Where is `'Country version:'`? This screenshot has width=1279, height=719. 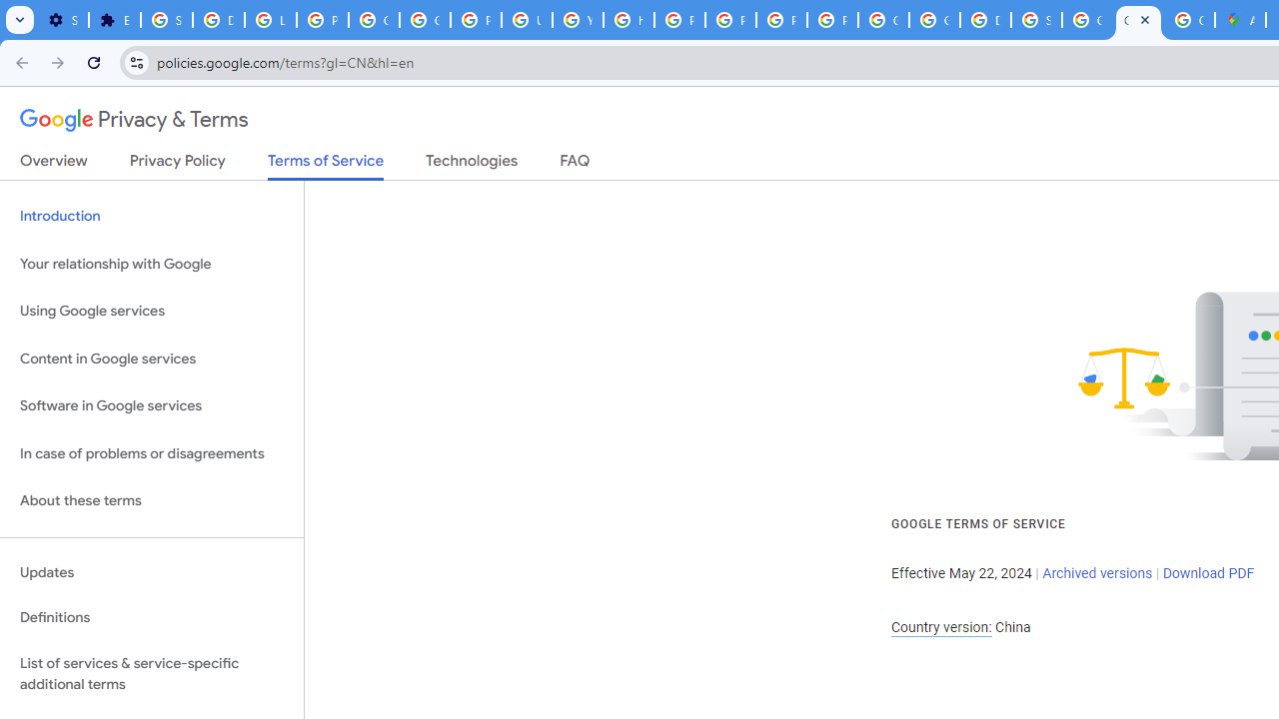
'Country version:' is located at coordinates (940, 626).